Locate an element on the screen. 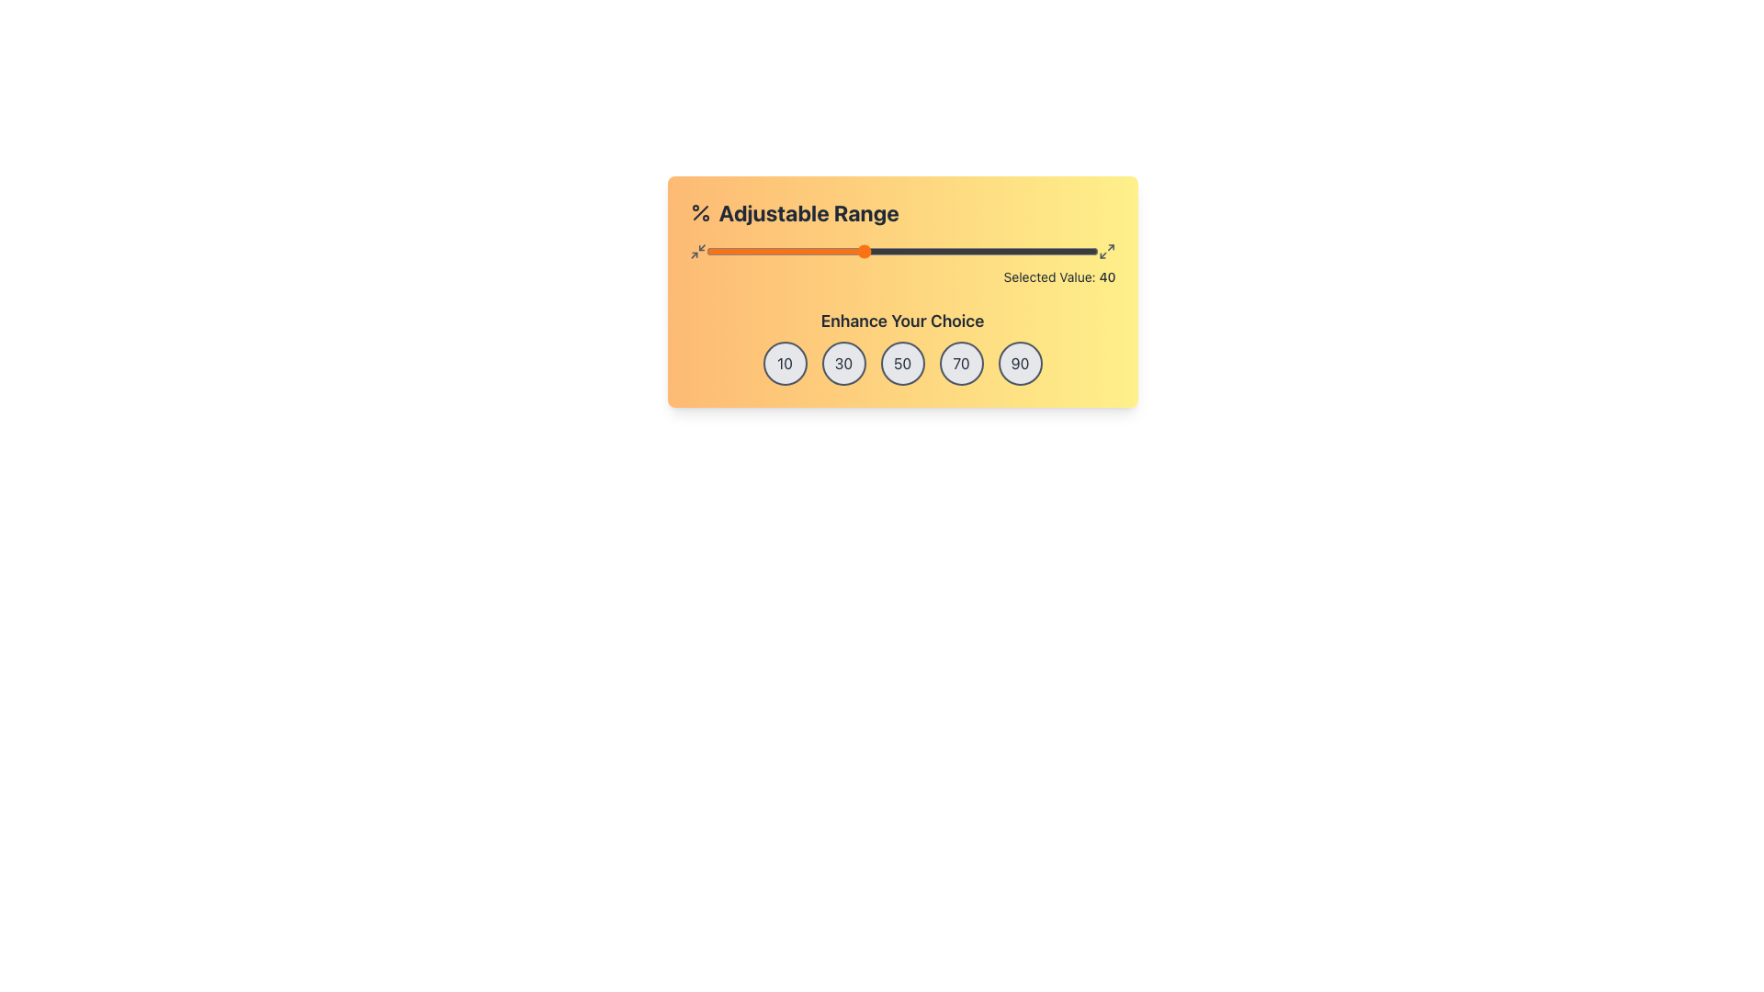 Image resolution: width=1764 pixels, height=992 pixels. the slider is located at coordinates (780, 251).